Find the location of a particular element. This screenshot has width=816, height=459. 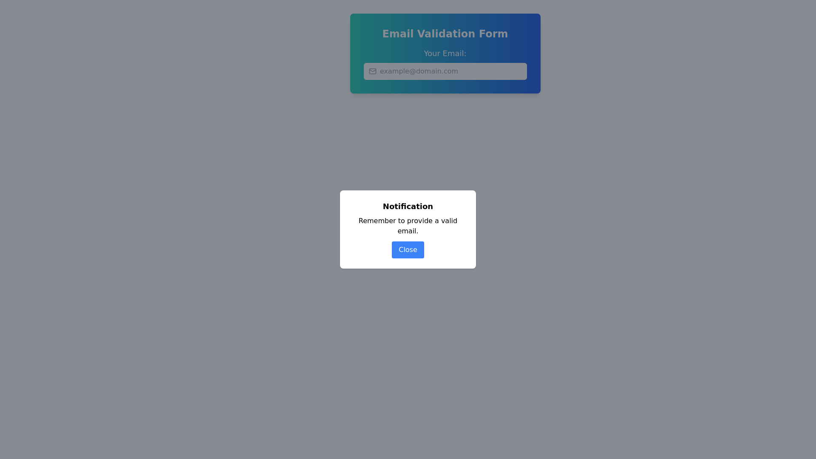

the static text label that conveys an important reminder, positioned below the title 'Notification' and above the 'Close' button is located at coordinates (408, 226).